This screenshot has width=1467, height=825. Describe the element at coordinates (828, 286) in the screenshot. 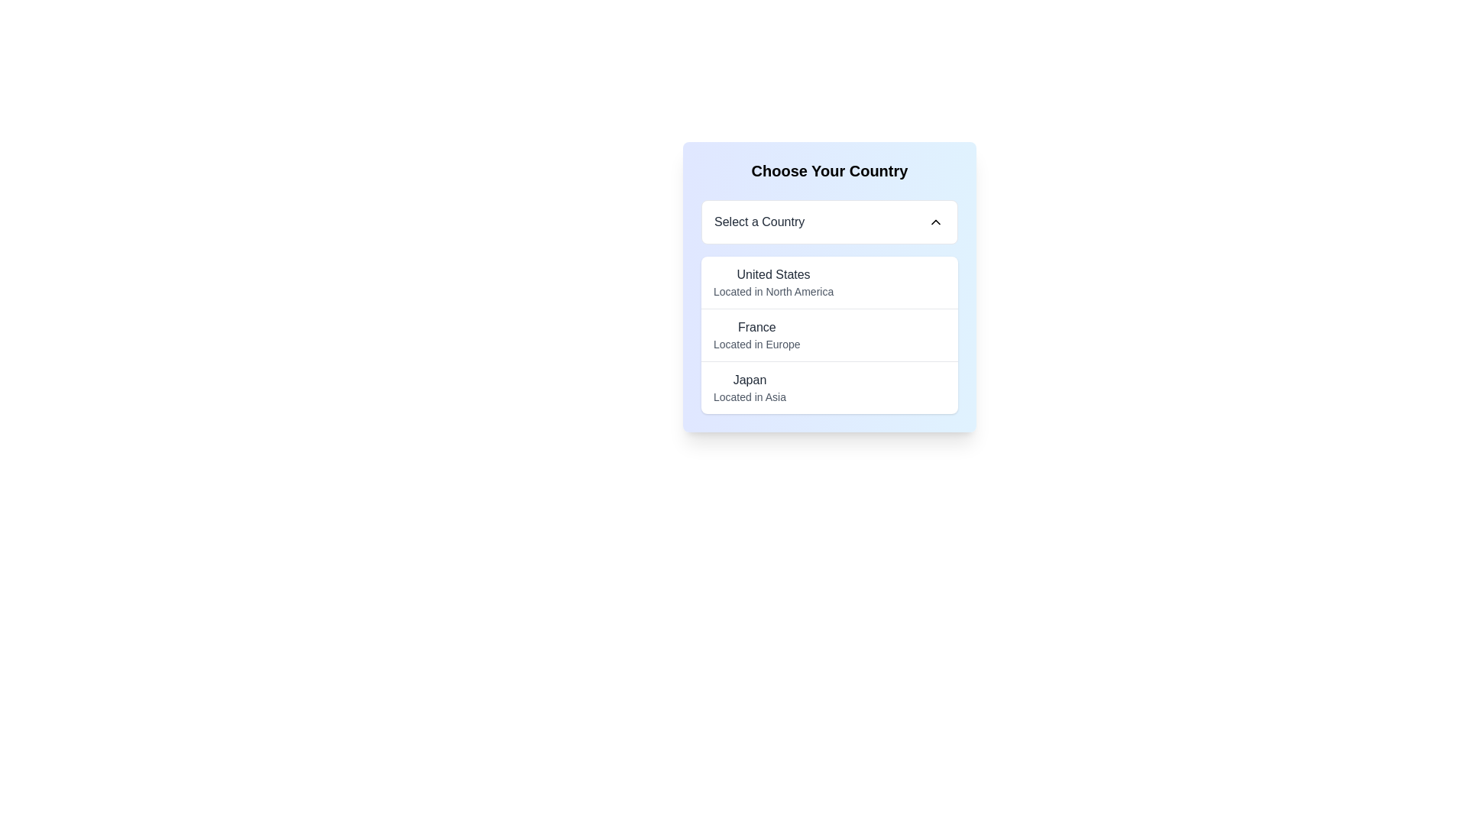

I see `the highlighted country selection entry titled 'United States'` at that location.